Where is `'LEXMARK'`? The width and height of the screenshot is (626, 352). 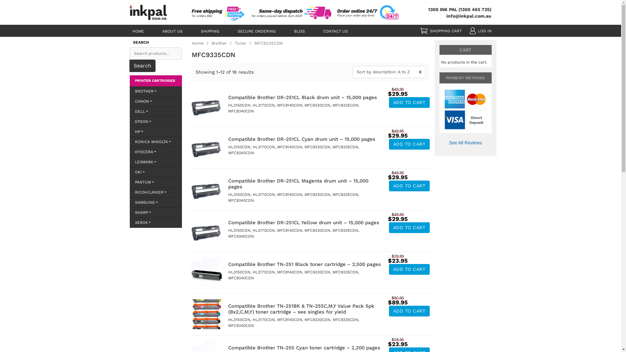
'LEXMARK' is located at coordinates (156, 162).